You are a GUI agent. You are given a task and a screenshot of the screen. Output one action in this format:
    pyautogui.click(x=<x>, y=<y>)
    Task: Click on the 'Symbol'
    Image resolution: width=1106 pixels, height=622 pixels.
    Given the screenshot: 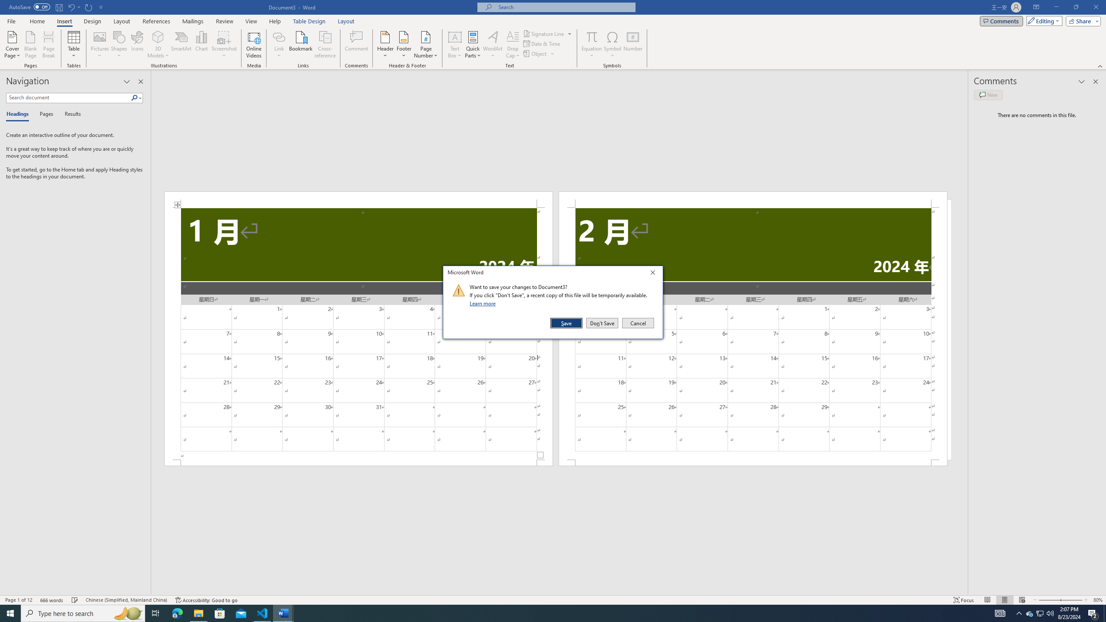 What is the action you would take?
    pyautogui.click(x=613, y=44)
    